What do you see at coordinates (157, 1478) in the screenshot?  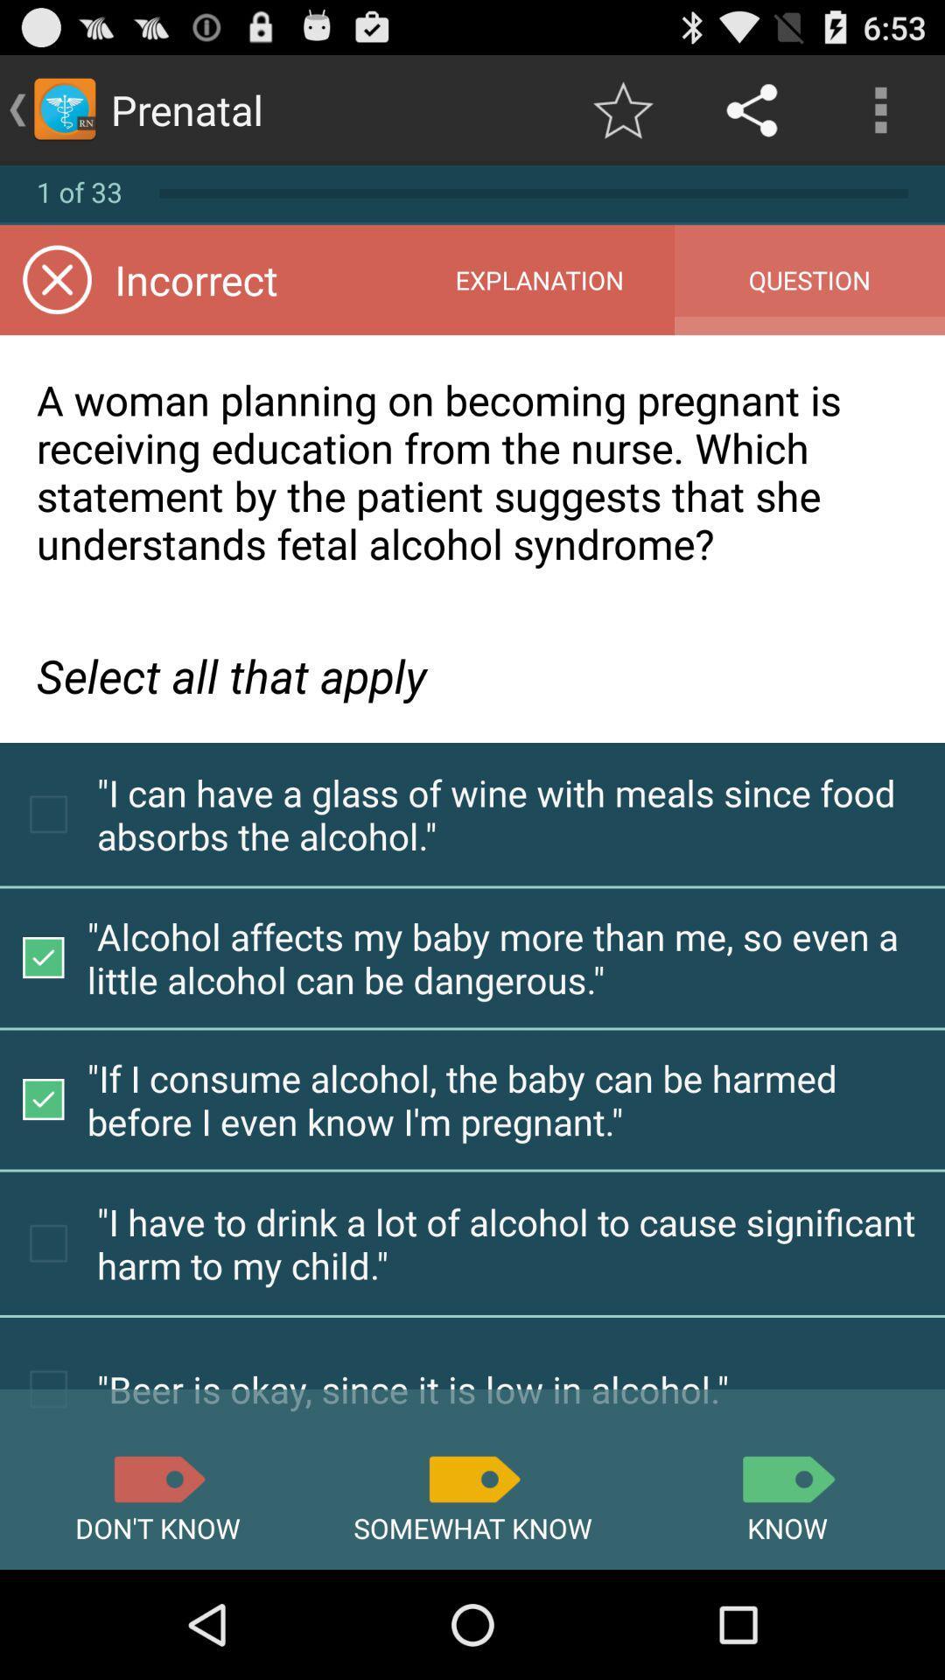 I see `dont know answer` at bounding box center [157, 1478].